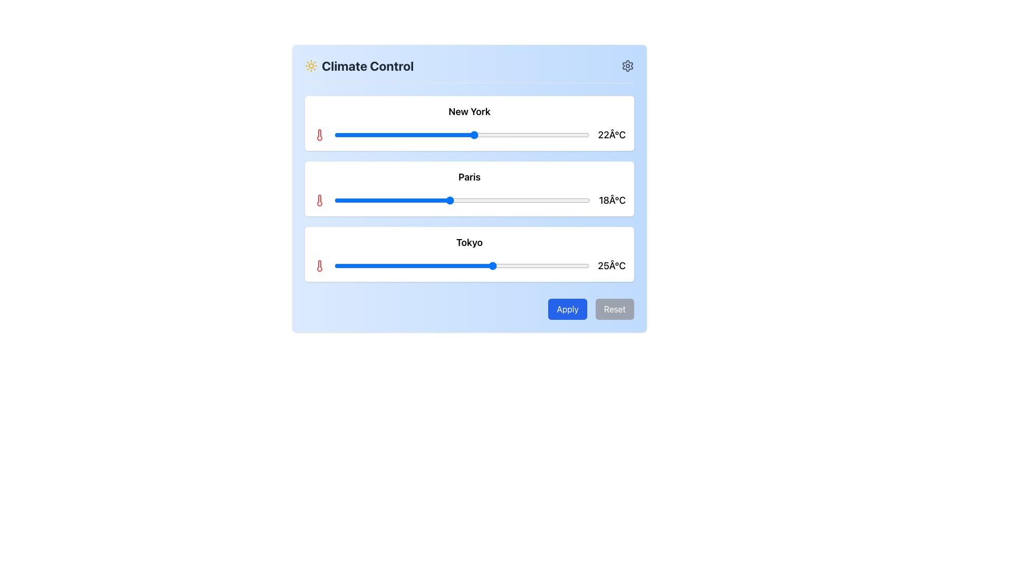 The height and width of the screenshot is (570, 1013). What do you see at coordinates (359, 65) in the screenshot?
I see `the 'Climate Control' text label, which is displayed in bold, large, gray font and located next to a yellow sun icon in the top-left section of the header bar` at bounding box center [359, 65].